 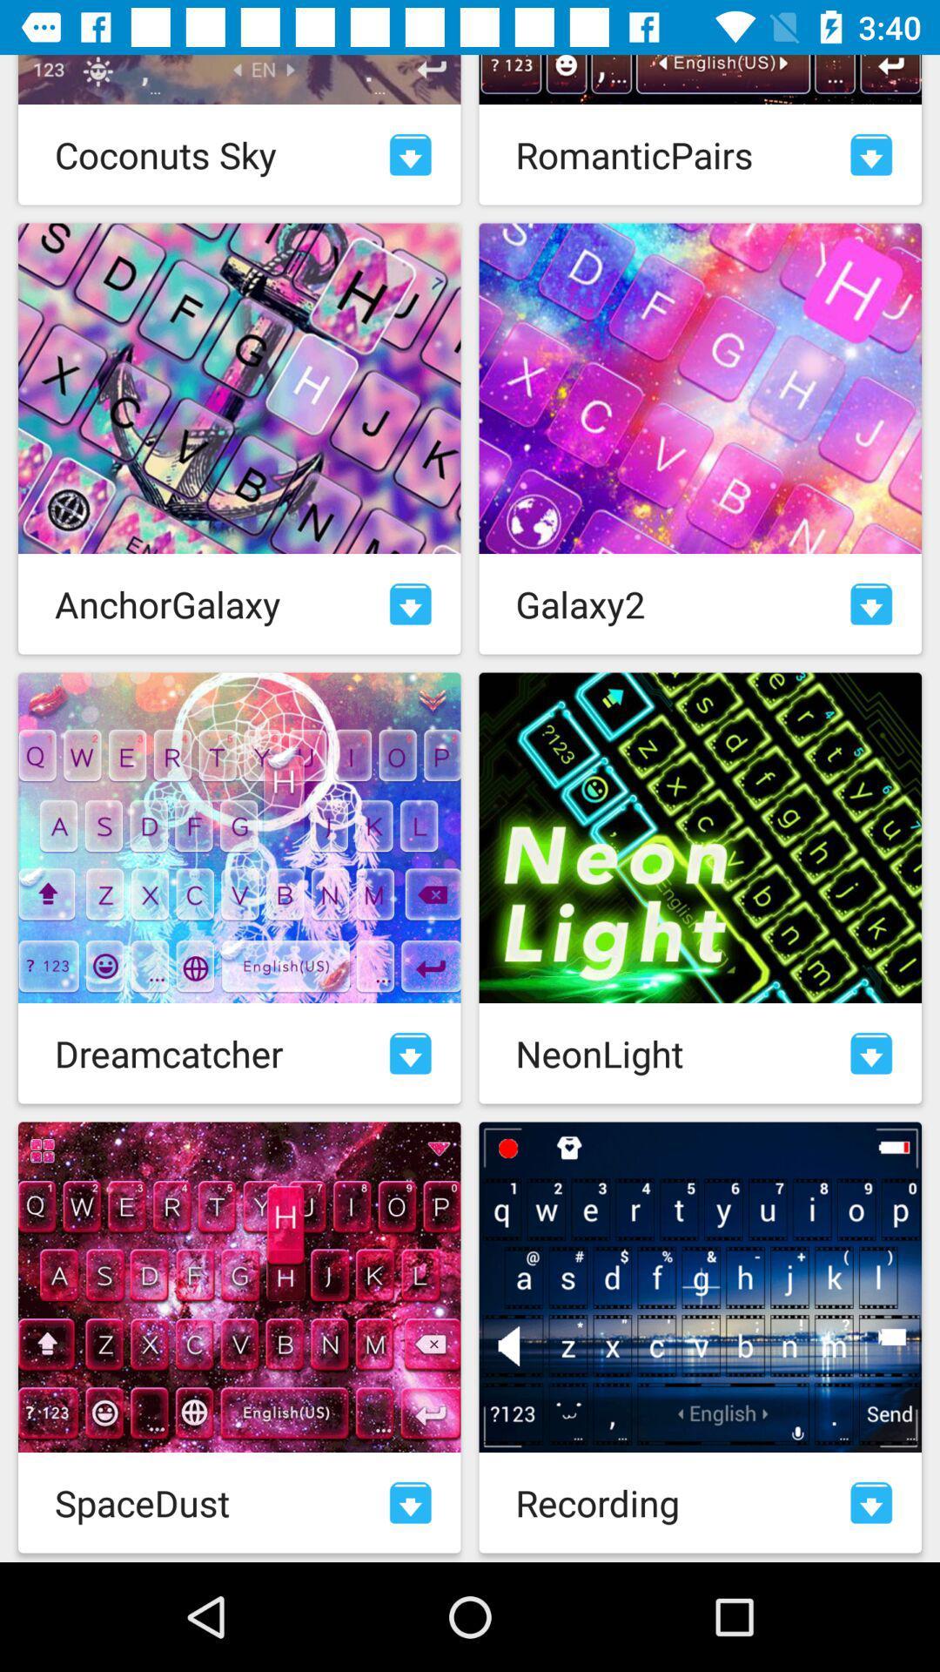 What do you see at coordinates (871, 1052) in the screenshot?
I see `download pack` at bounding box center [871, 1052].